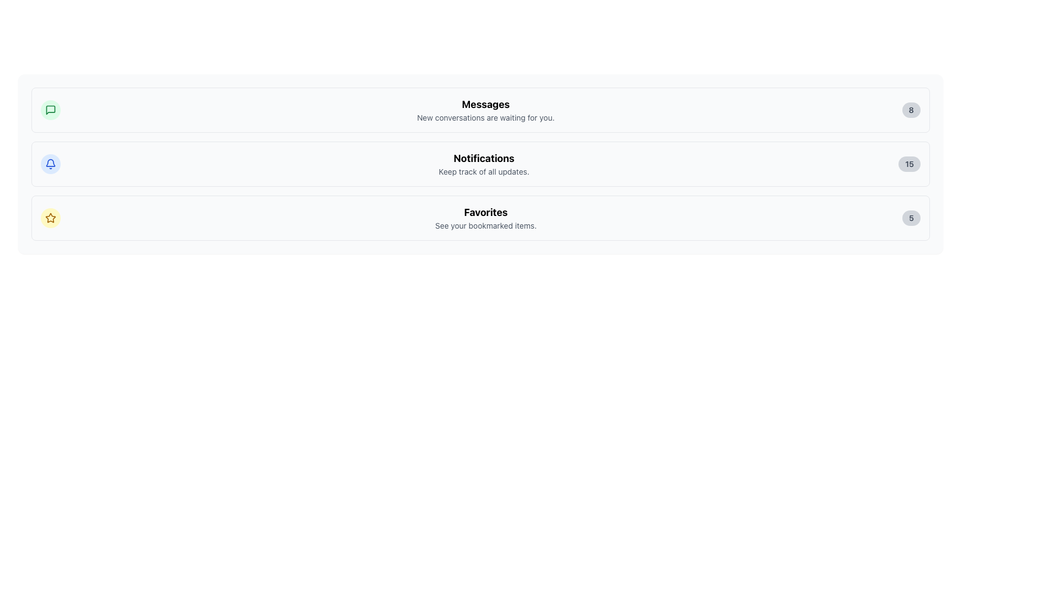 This screenshot has width=1059, height=595. Describe the element at coordinates (911, 218) in the screenshot. I see `the notification badge indicating the count for the 'Favorites' section, located on the far right side of the third row in a vertically stacked list` at that location.